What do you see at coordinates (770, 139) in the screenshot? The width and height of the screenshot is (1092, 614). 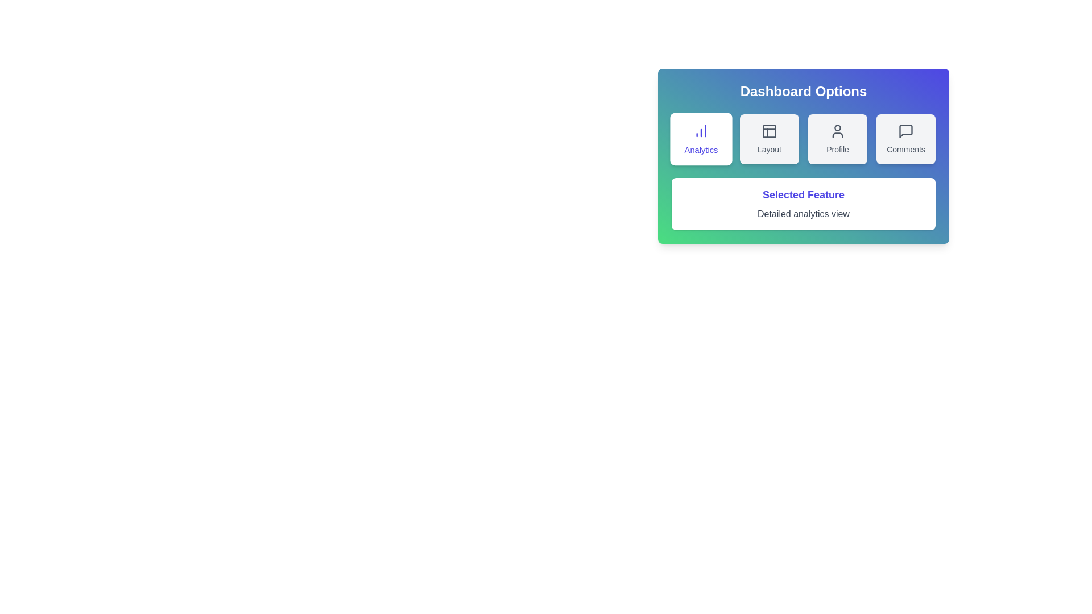 I see `the Layout button to select the respective dashboard option` at bounding box center [770, 139].